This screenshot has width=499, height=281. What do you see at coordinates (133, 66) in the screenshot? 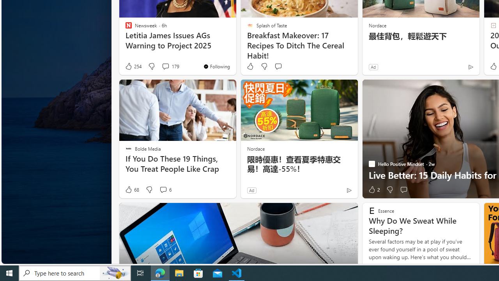
I see `'254 Like'` at bounding box center [133, 66].